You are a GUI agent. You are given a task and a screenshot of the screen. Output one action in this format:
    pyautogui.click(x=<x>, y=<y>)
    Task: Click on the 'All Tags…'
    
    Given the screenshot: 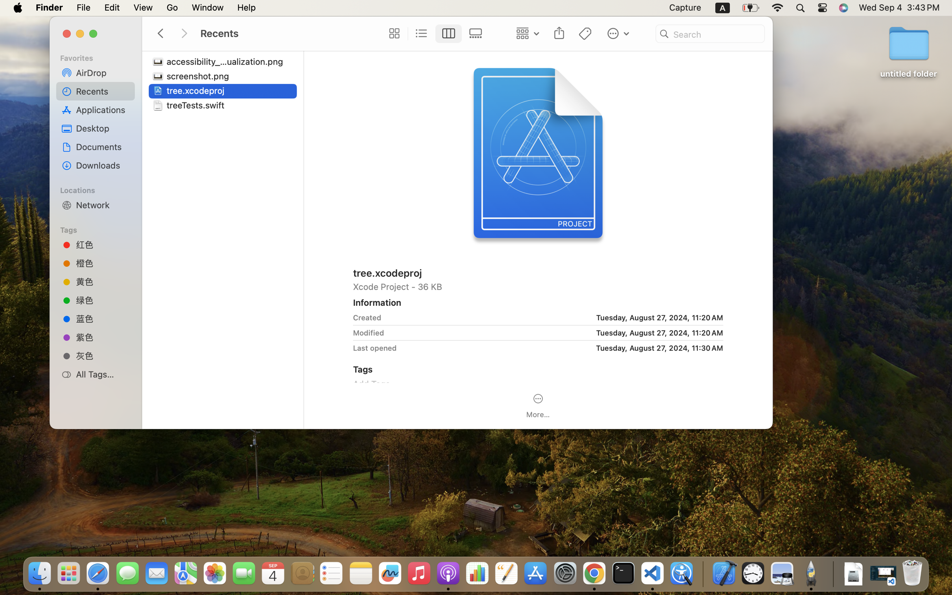 What is the action you would take?
    pyautogui.click(x=102, y=373)
    